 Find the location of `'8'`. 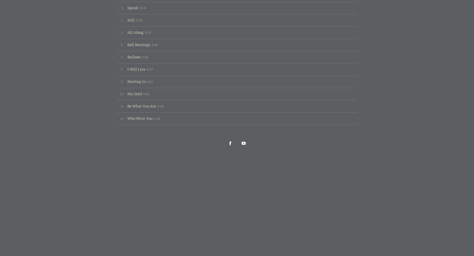

'8' is located at coordinates (122, 69).